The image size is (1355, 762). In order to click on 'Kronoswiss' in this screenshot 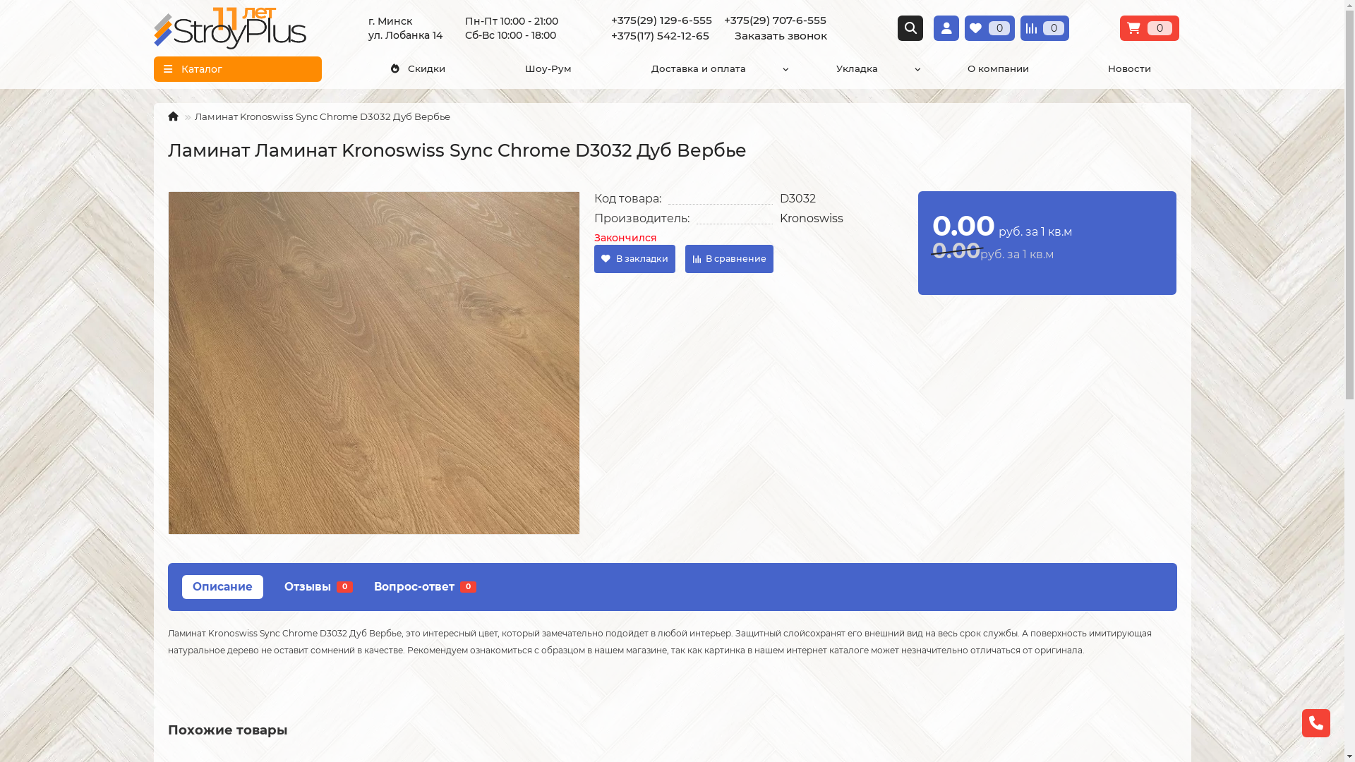, I will do `click(812, 219)`.